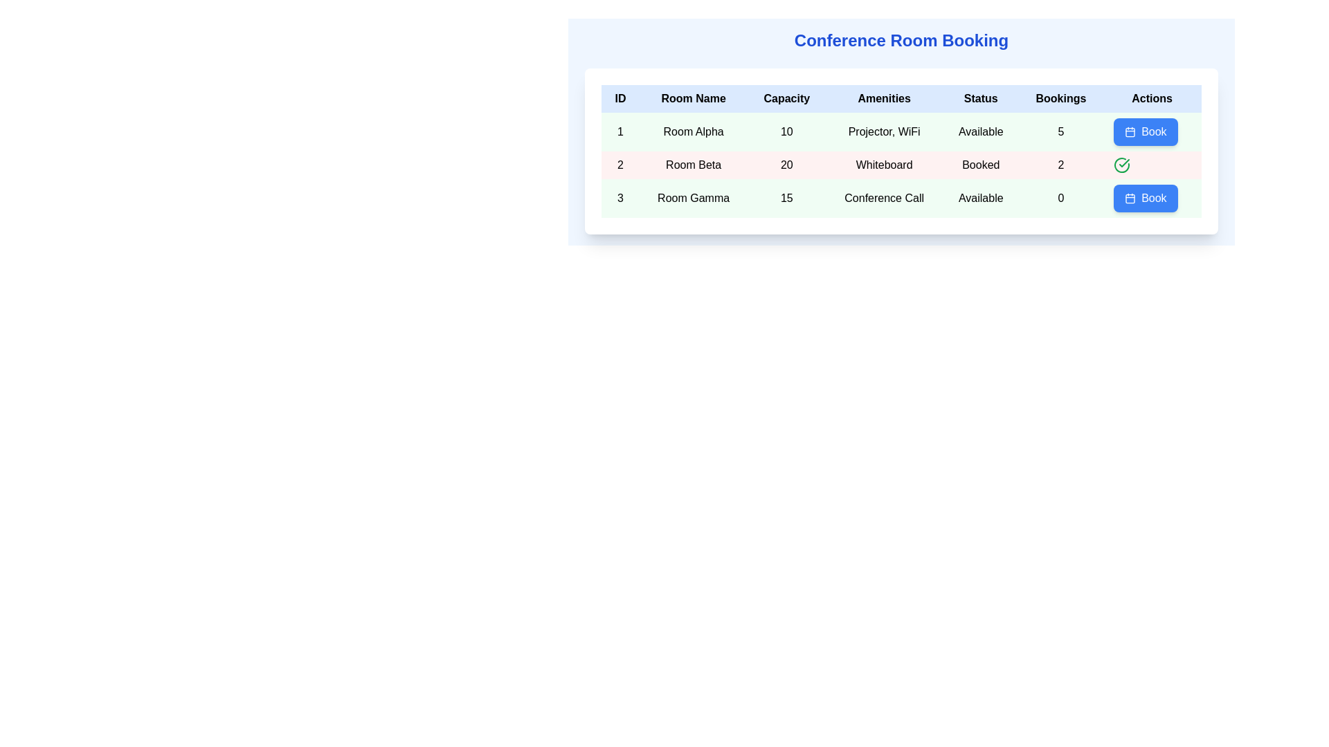 The width and height of the screenshot is (1329, 747). What do you see at coordinates (1146, 198) in the screenshot?
I see `the booking button for 'Room Gamma' in the 'Actions' column of the Conference Room Booking table to initiate the booking process` at bounding box center [1146, 198].